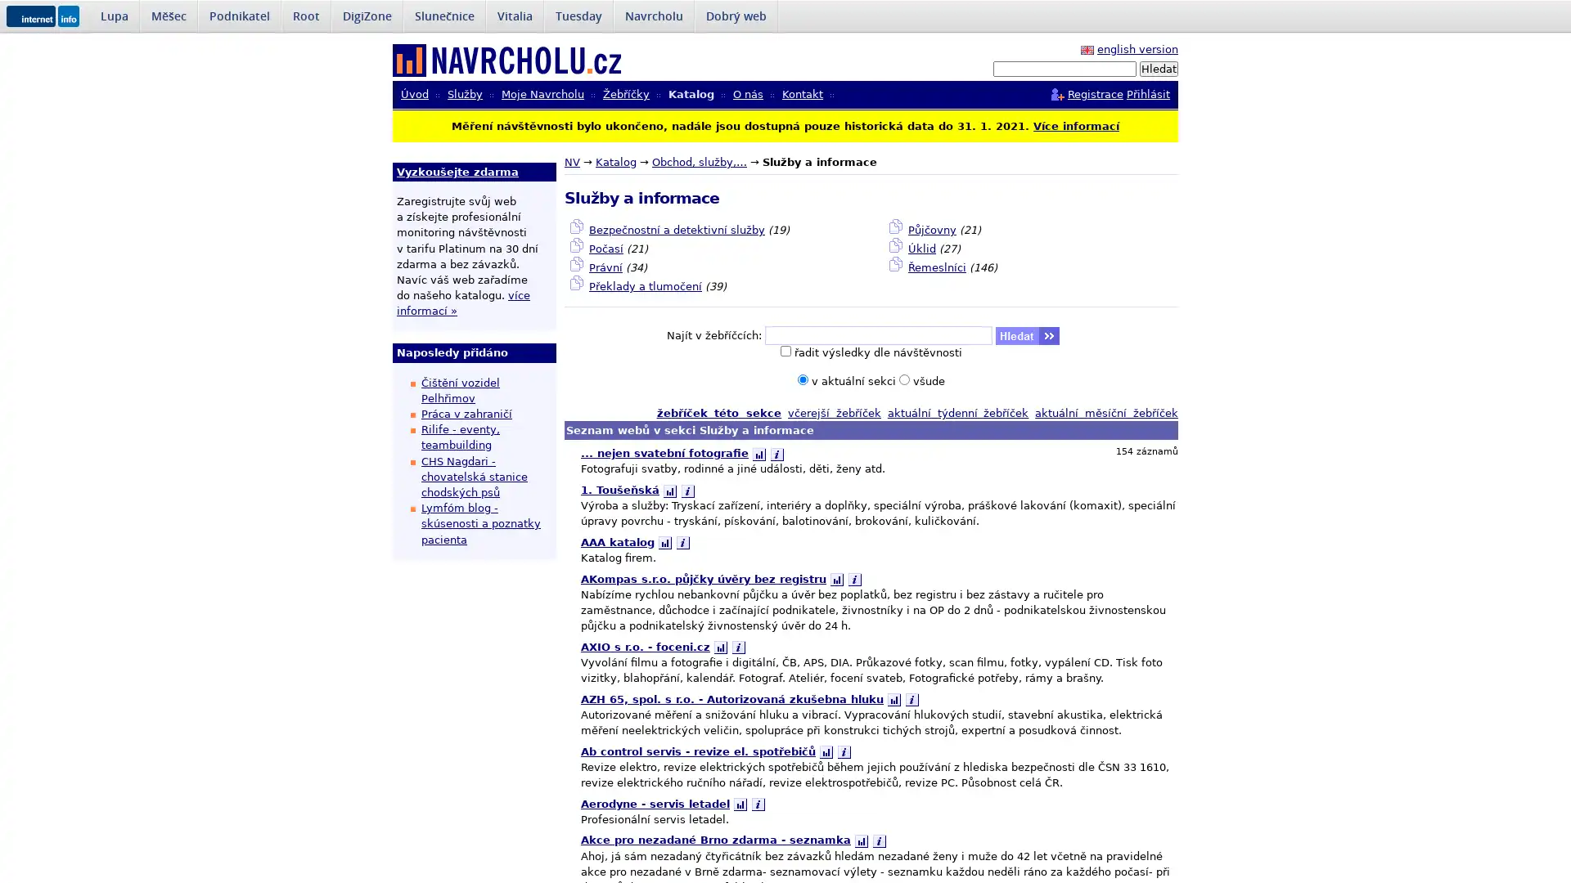 This screenshot has width=1571, height=883. Describe the element at coordinates (1158, 68) in the screenshot. I see `Hledat` at that location.